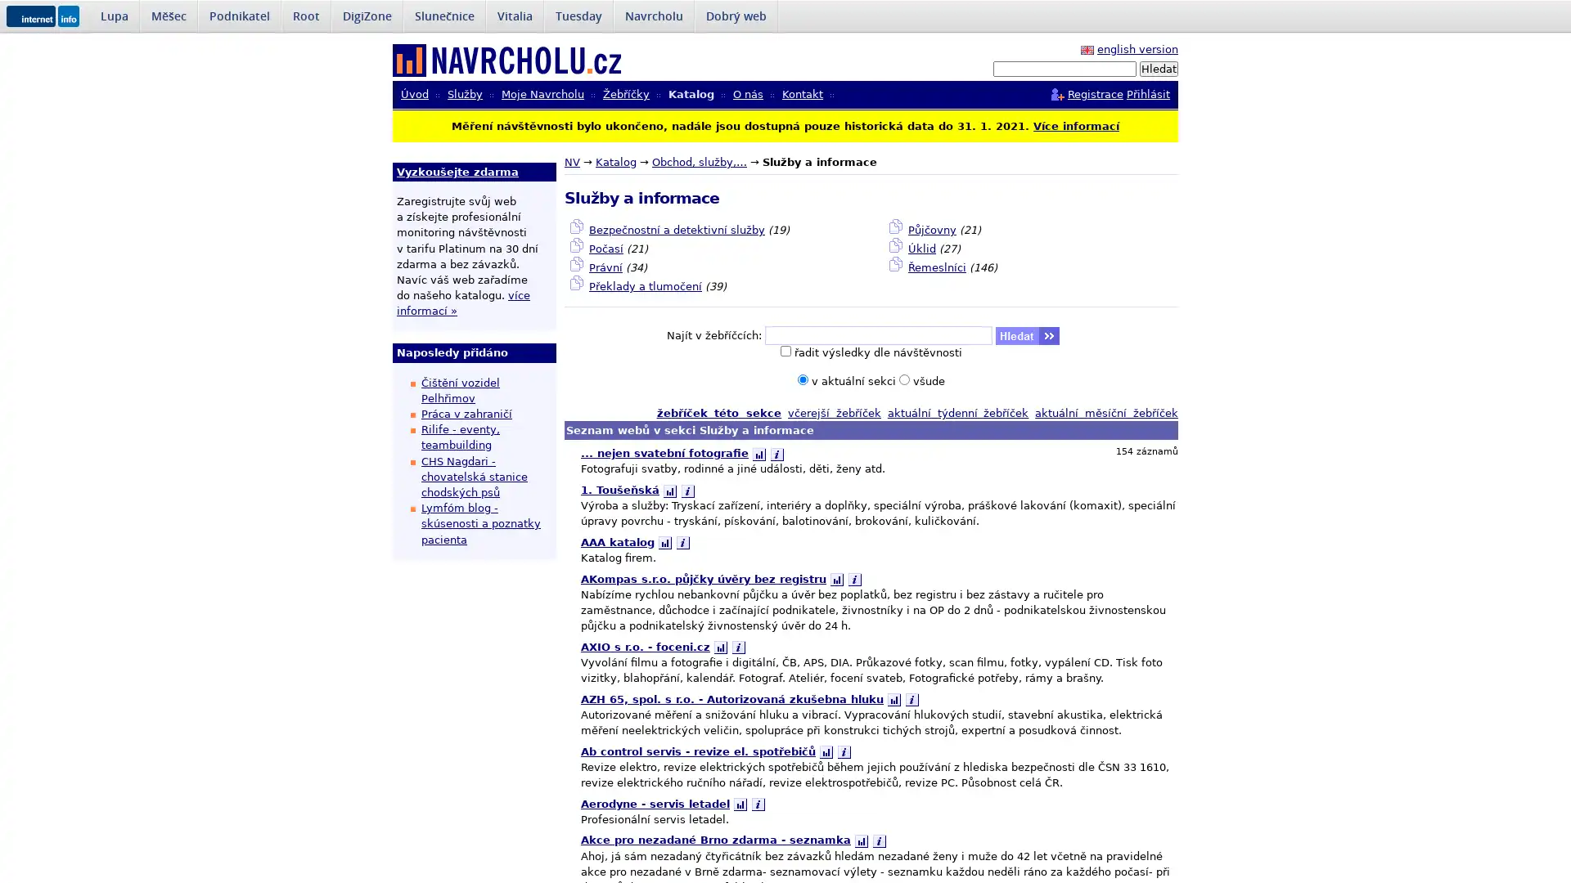 This screenshot has width=1571, height=883. Describe the element at coordinates (1158, 68) in the screenshot. I see `Hledat` at that location.